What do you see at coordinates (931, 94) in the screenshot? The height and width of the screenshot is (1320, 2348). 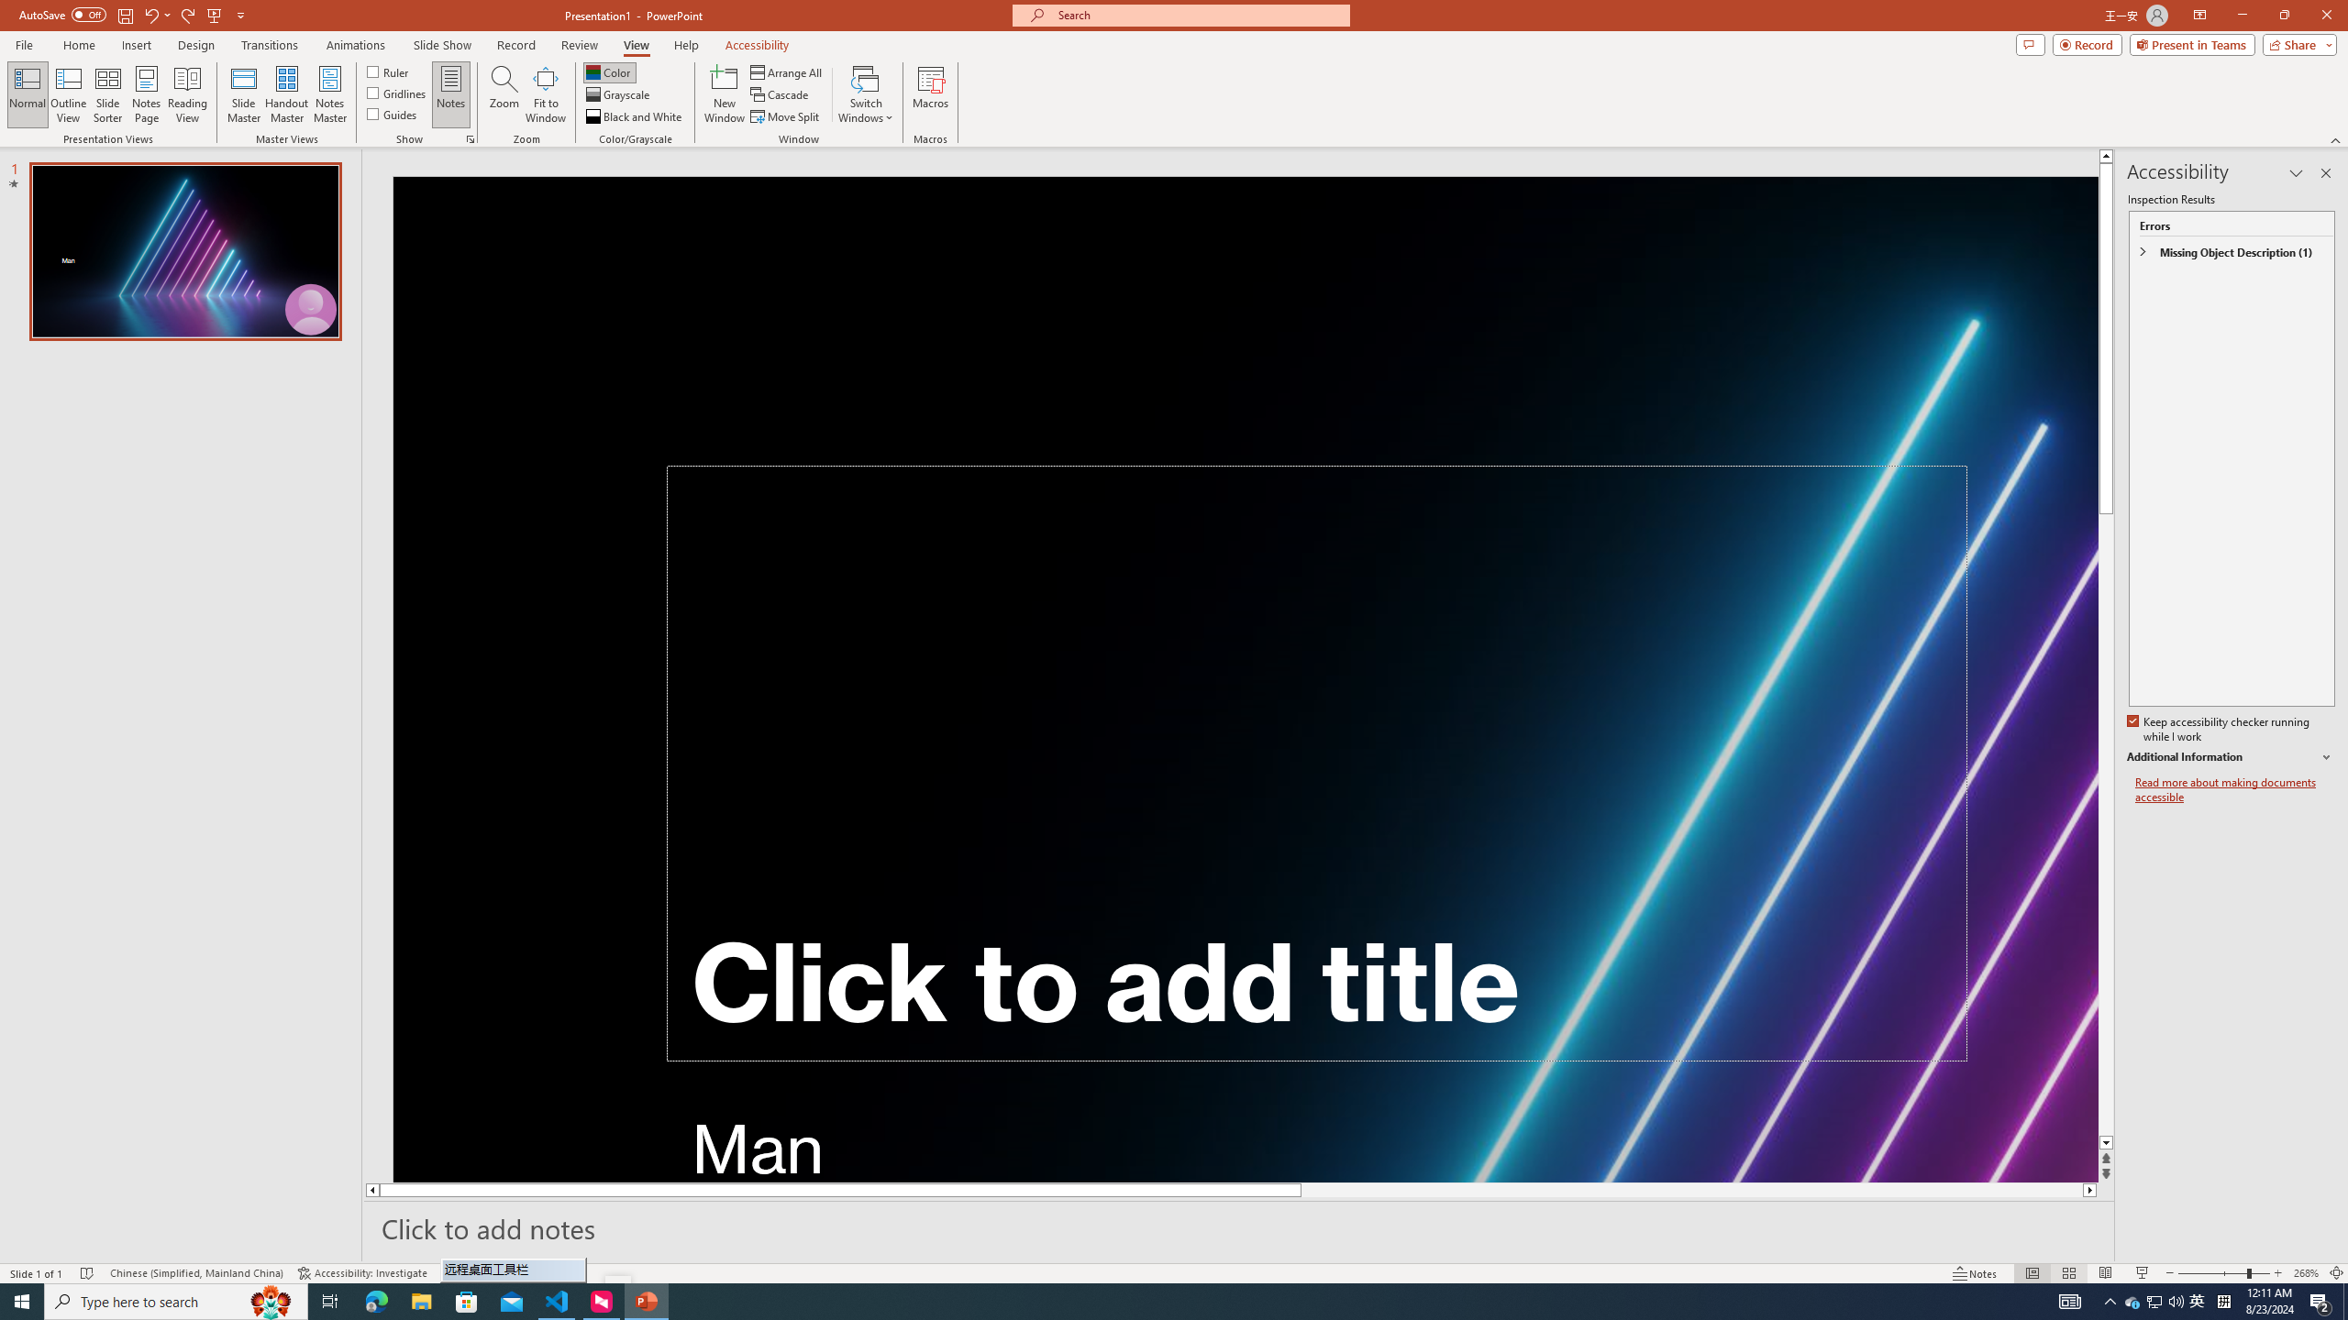 I see `'Macros'` at bounding box center [931, 94].